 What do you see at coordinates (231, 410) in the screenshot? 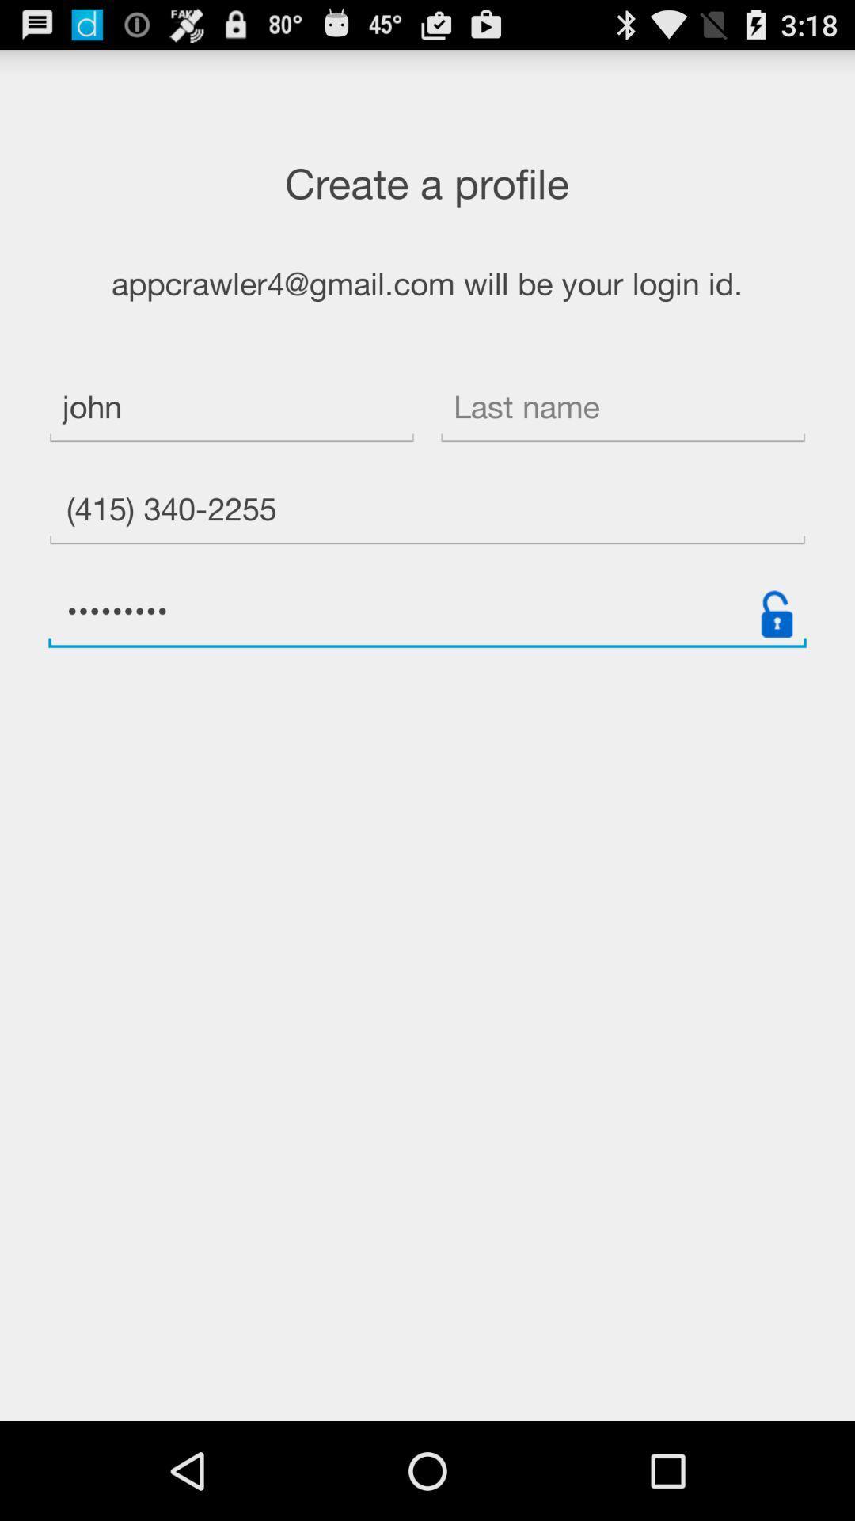
I see `item above the (415) 340-2255 item` at bounding box center [231, 410].